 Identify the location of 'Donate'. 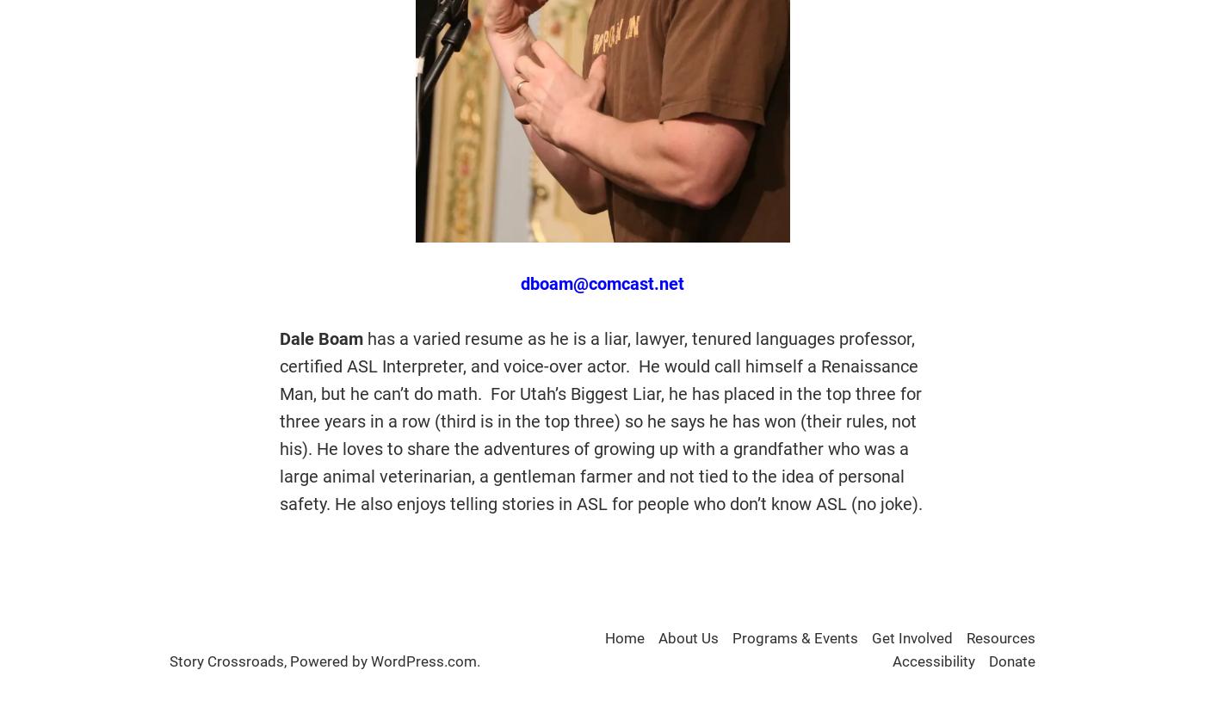
(1012, 661).